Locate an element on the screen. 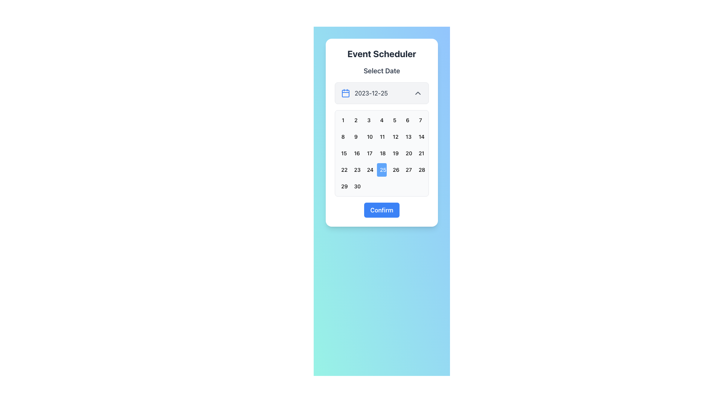 This screenshot has width=723, height=406. the button representing a specific date in the calendar interface is located at coordinates (381, 153).